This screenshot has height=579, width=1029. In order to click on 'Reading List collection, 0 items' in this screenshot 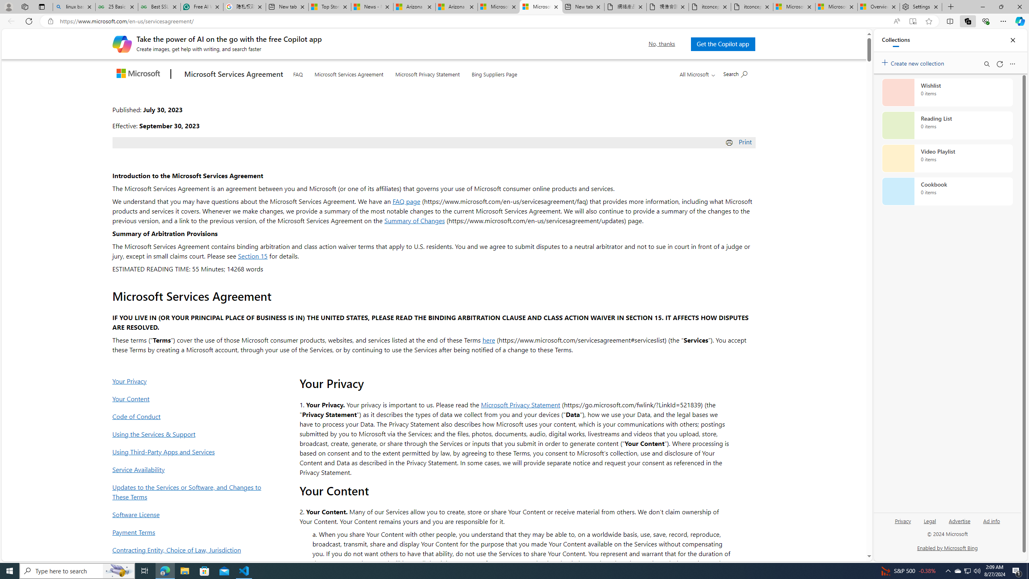, I will do `click(947, 125)`.